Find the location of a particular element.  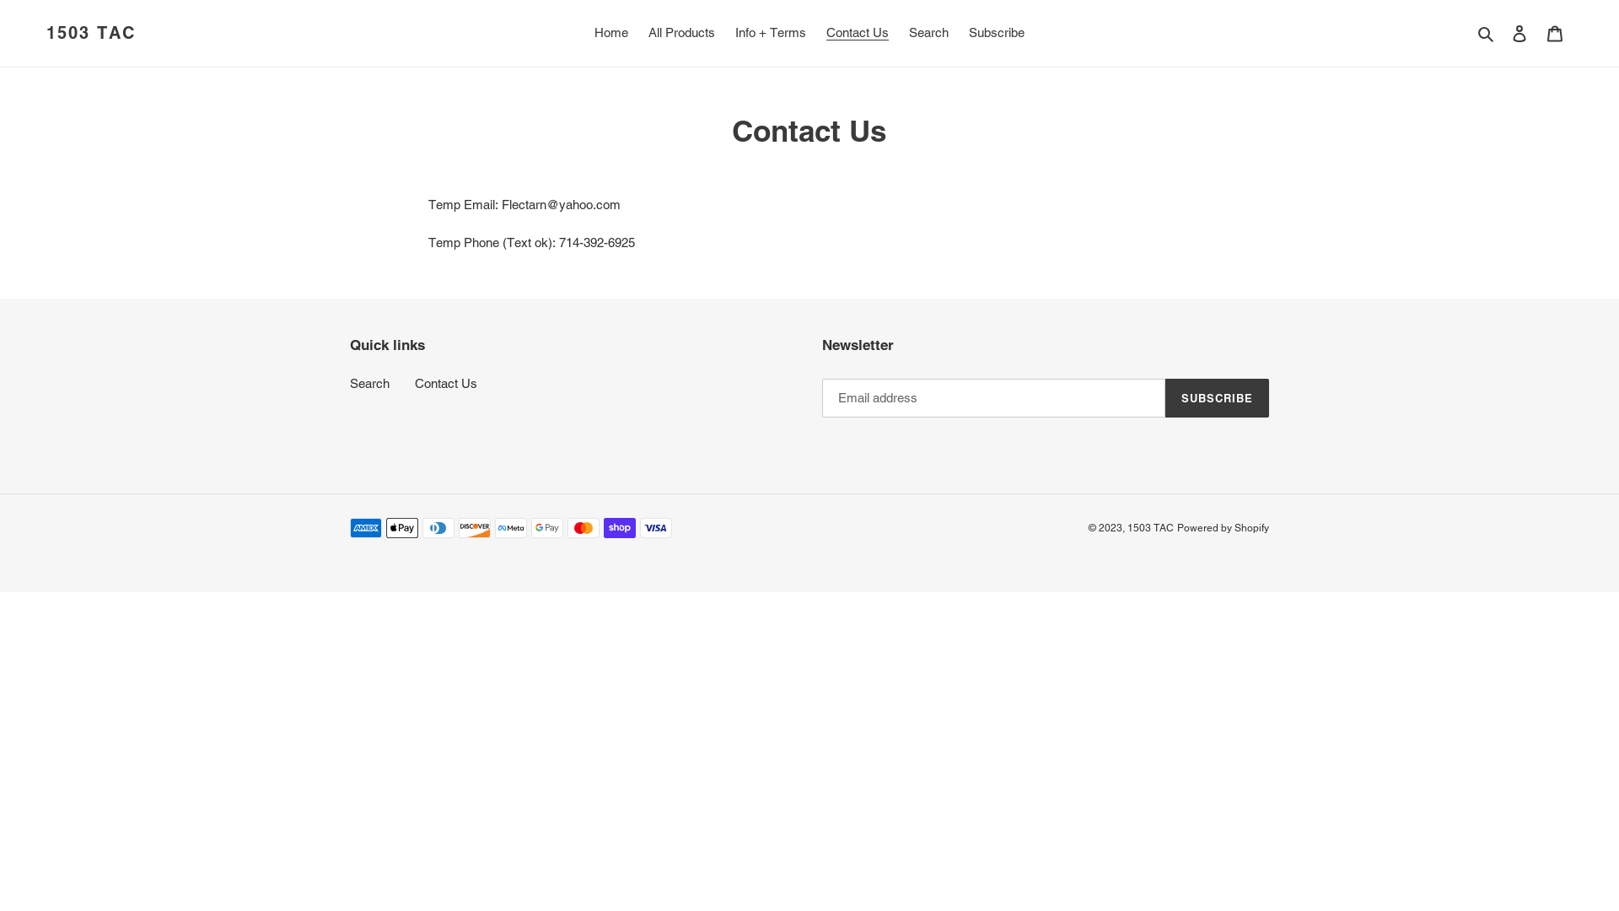

'All Products' is located at coordinates (681, 33).